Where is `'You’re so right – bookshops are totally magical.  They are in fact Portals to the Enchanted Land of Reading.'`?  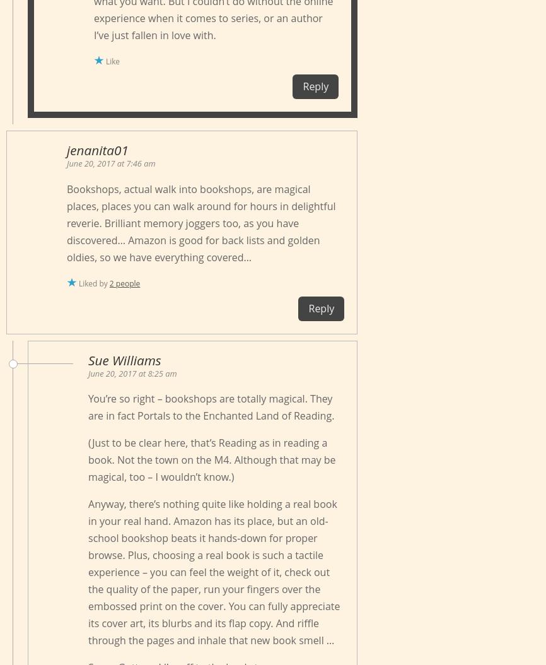
'You’re so right – bookshops are totally magical.  They are in fact Portals to the Enchanted Land of Reading.' is located at coordinates (210, 407).